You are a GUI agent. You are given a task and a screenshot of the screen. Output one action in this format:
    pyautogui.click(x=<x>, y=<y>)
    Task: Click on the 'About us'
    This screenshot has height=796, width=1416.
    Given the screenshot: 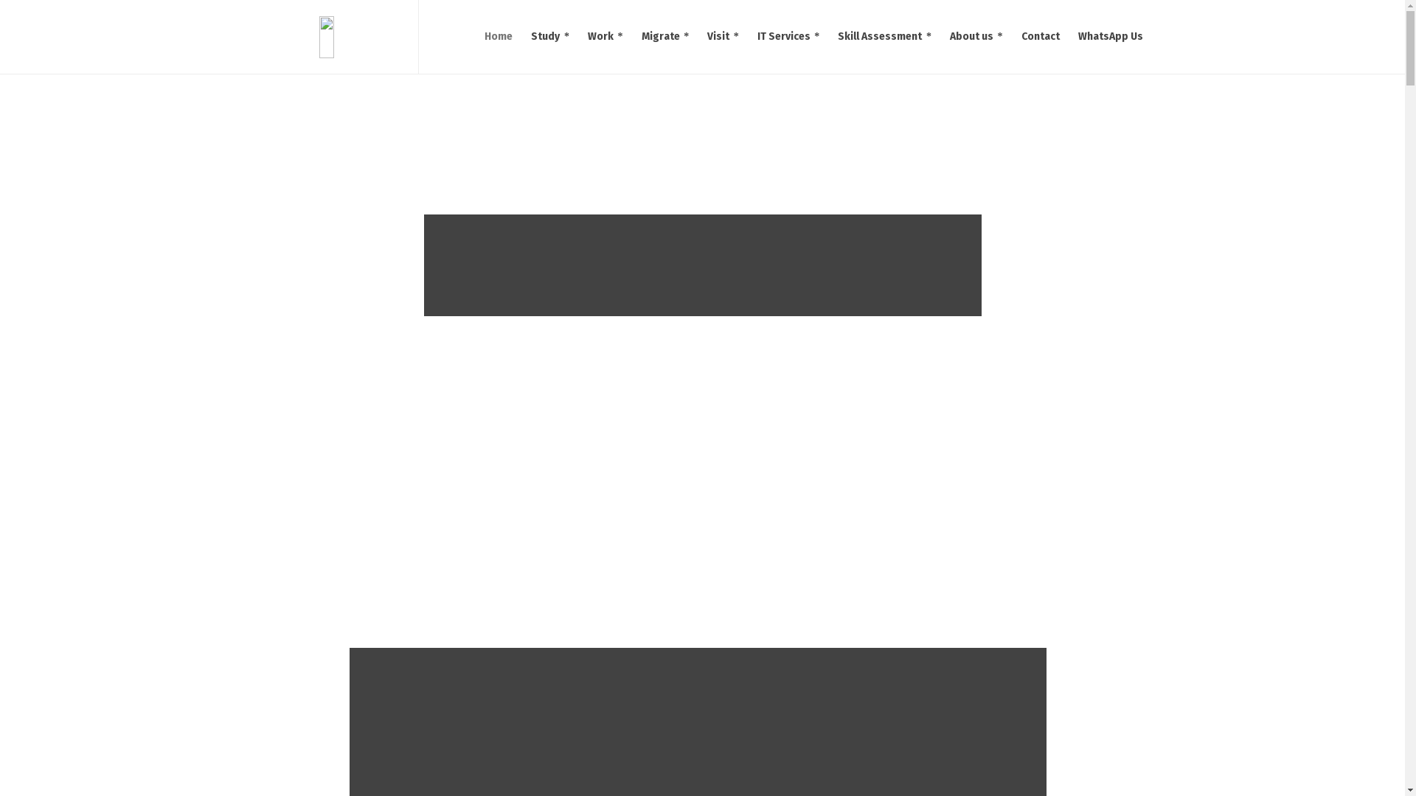 What is the action you would take?
    pyautogui.click(x=976, y=36)
    